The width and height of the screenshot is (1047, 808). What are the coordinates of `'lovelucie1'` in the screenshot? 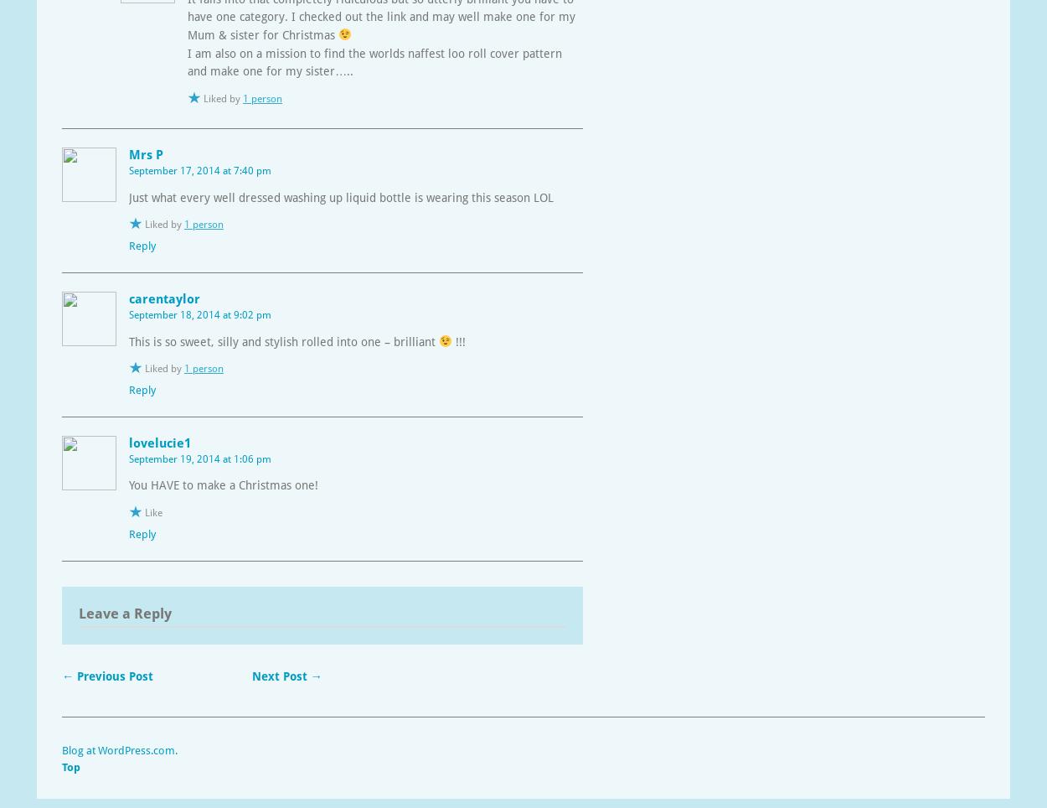 It's located at (159, 442).